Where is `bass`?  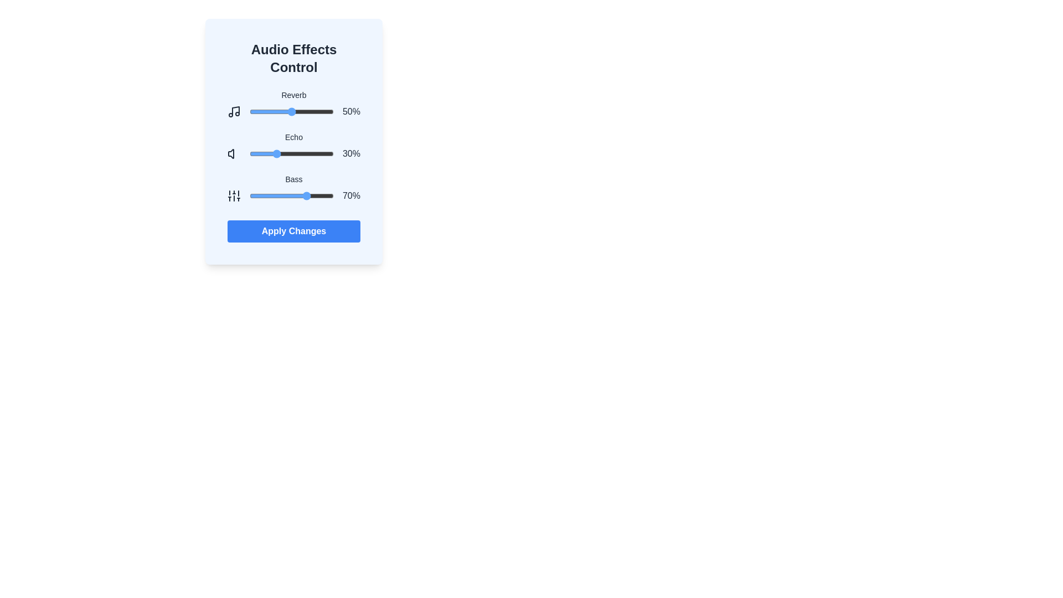 bass is located at coordinates (304, 195).